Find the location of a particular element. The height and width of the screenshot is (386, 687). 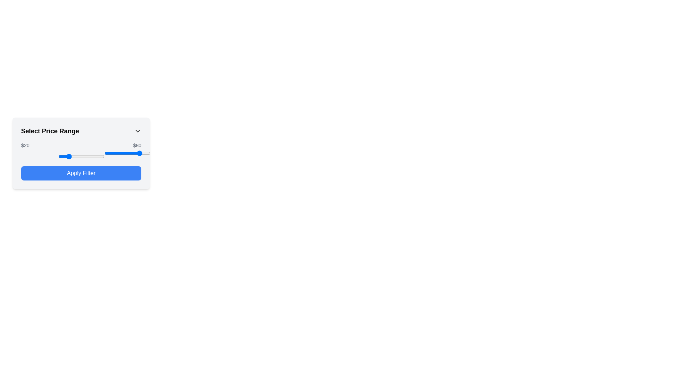

the static text label indicating the minimum and maximum prices in the selected range, located between '$20' and '$80' above the slider bar is located at coordinates (81, 145).